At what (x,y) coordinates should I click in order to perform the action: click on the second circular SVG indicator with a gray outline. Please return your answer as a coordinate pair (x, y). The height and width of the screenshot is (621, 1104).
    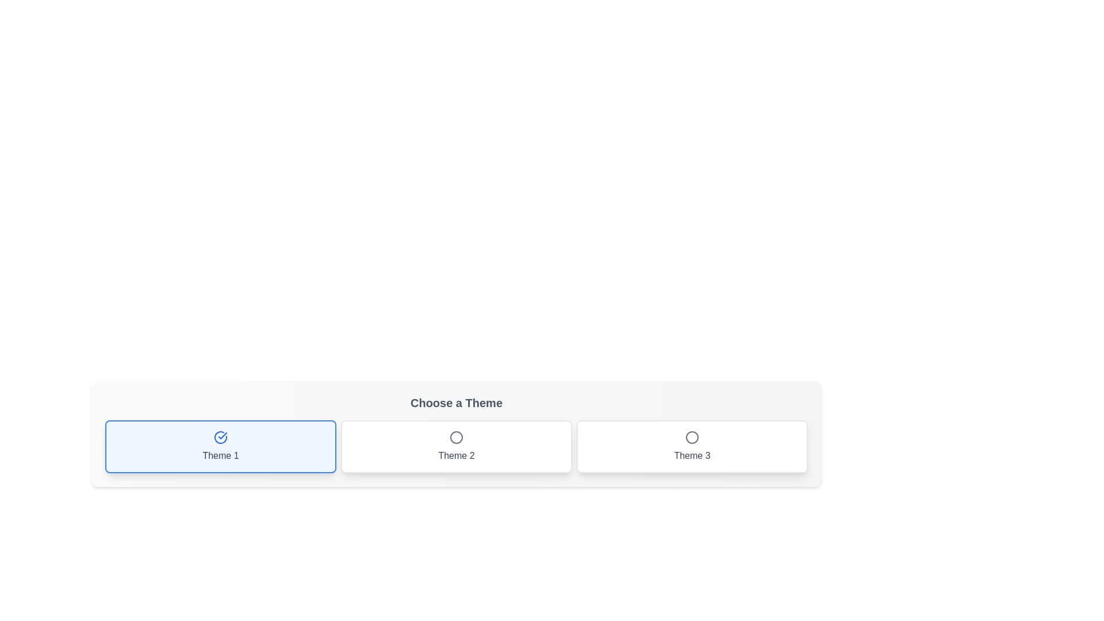
    Looking at the image, I should click on (455, 437).